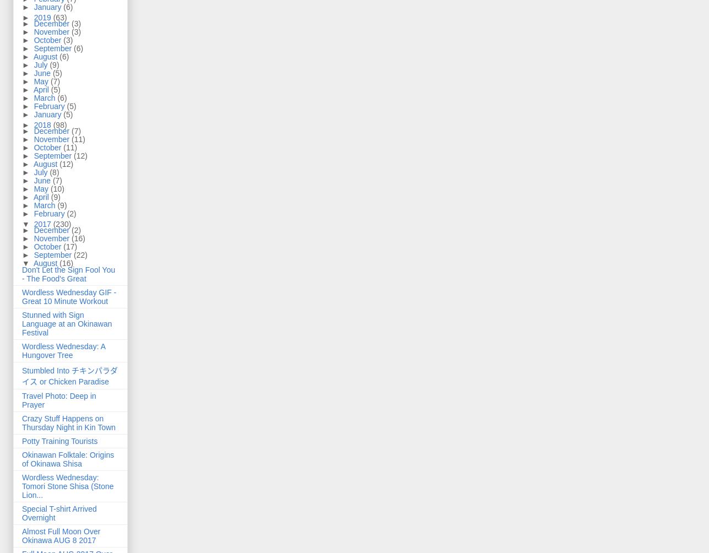 This screenshot has height=553, width=709. What do you see at coordinates (69, 375) in the screenshot?
I see `'Stumbled Into チキンパラダイス or Chicken Paradise'` at bounding box center [69, 375].